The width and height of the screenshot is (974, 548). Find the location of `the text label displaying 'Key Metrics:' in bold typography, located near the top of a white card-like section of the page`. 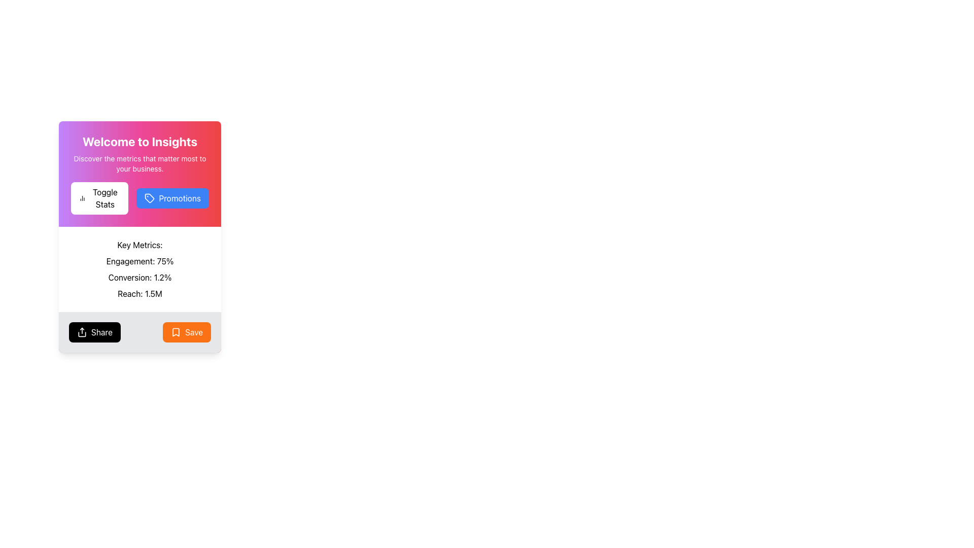

the text label displaying 'Key Metrics:' in bold typography, located near the top of a white card-like section of the page is located at coordinates (139, 245).